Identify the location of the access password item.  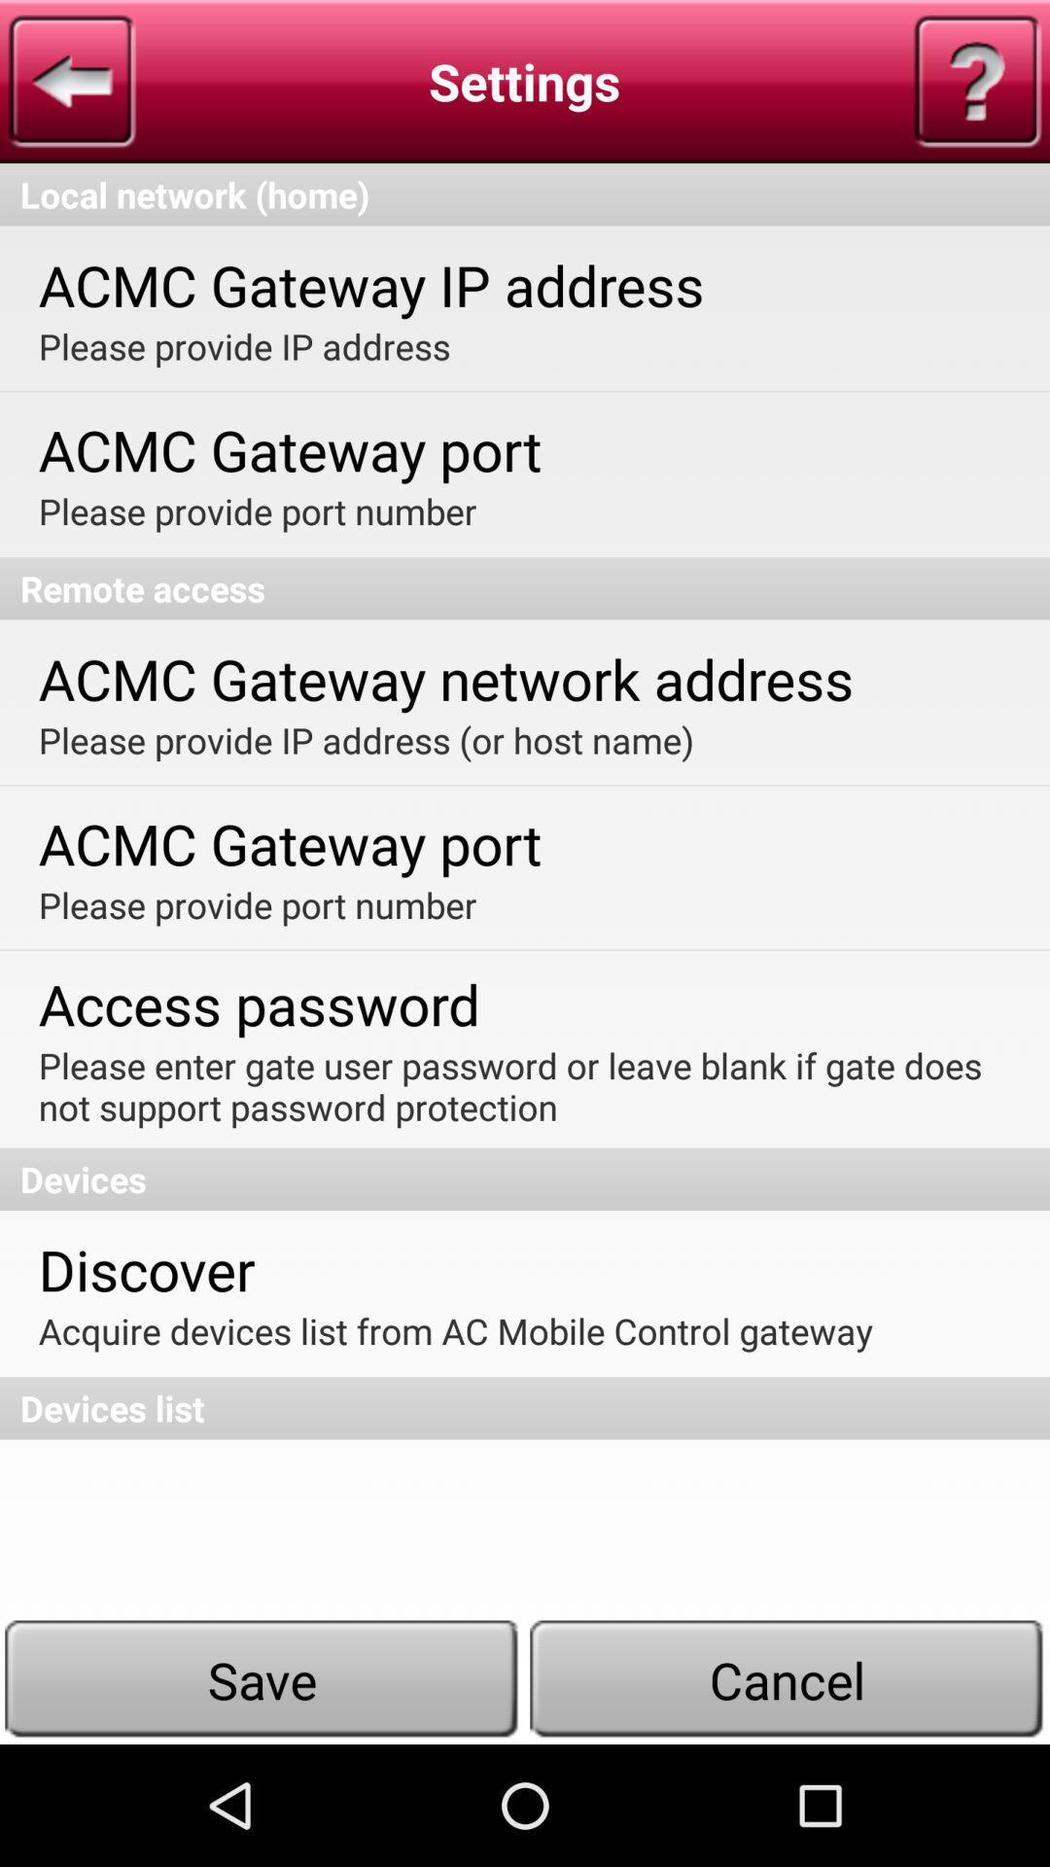
(258, 1004).